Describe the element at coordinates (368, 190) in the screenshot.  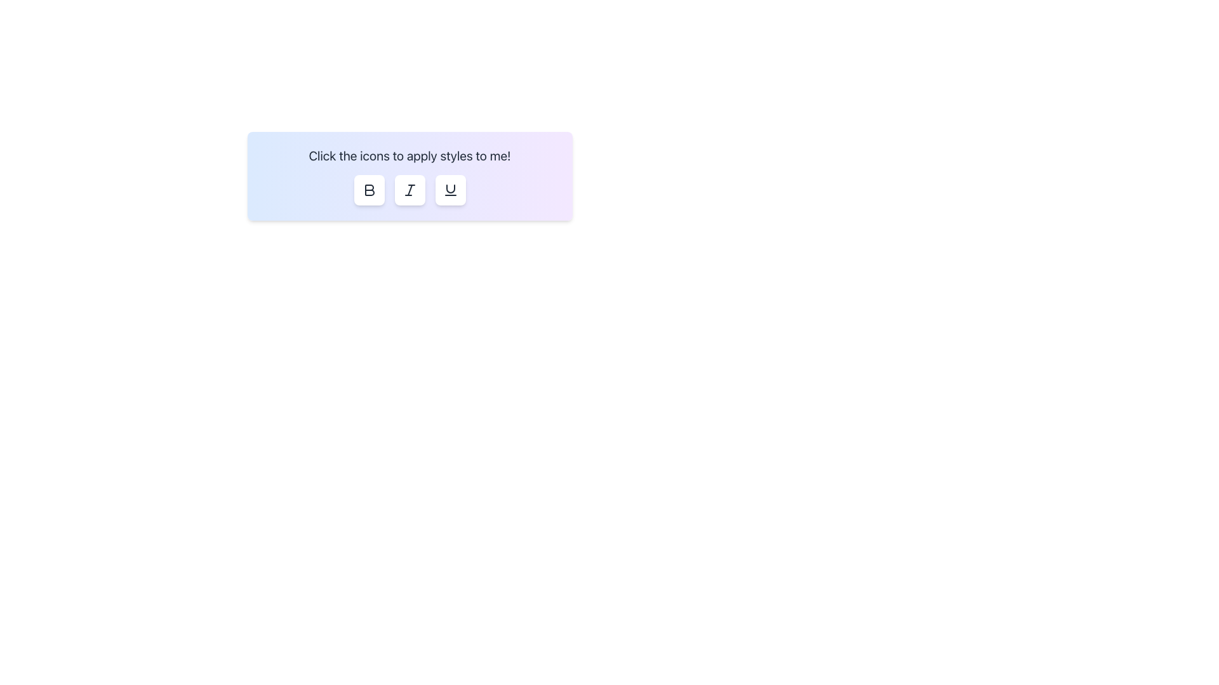
I see `the bold icon represented by a capital 'B'` at that location.